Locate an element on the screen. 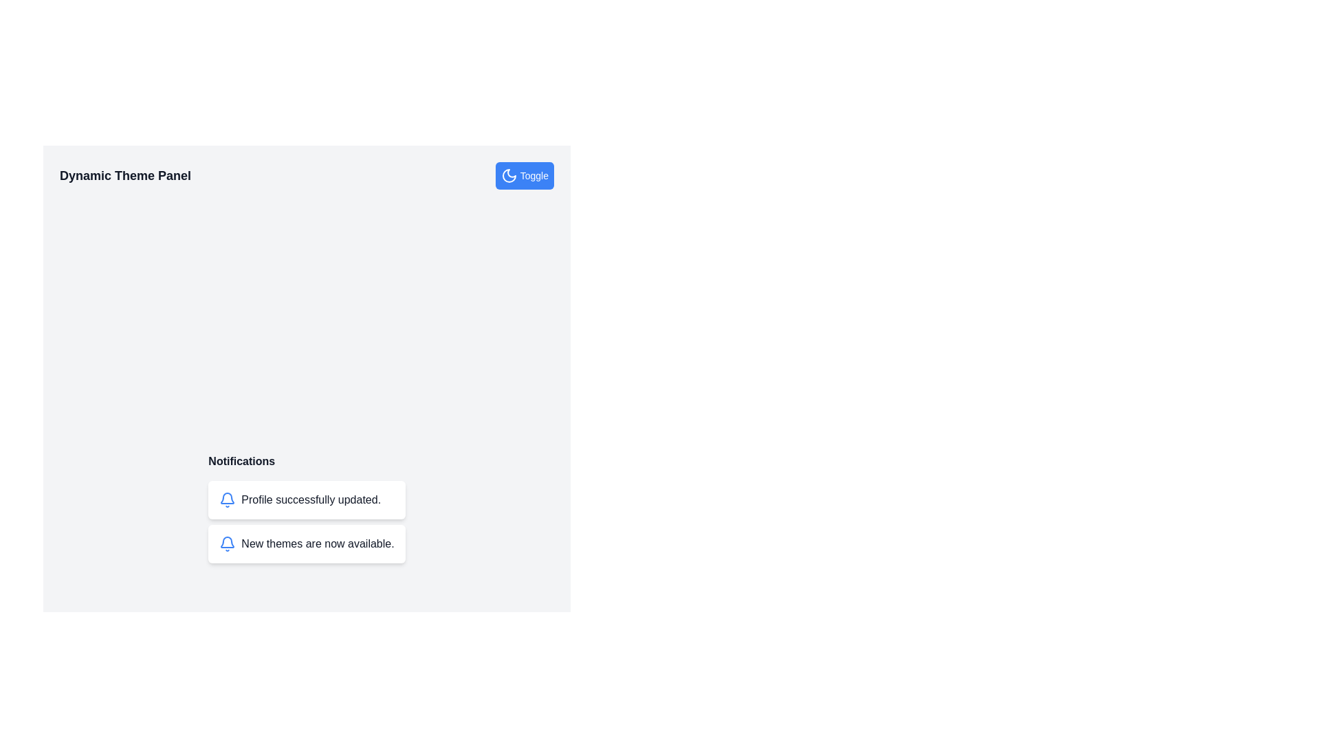 This screenshot has height=742, width=1320. the SVG moon icon with the 'lucide-moon' class located to the left of the 'Toggle' button in the top-right corner is located at coordinates (508, 175).